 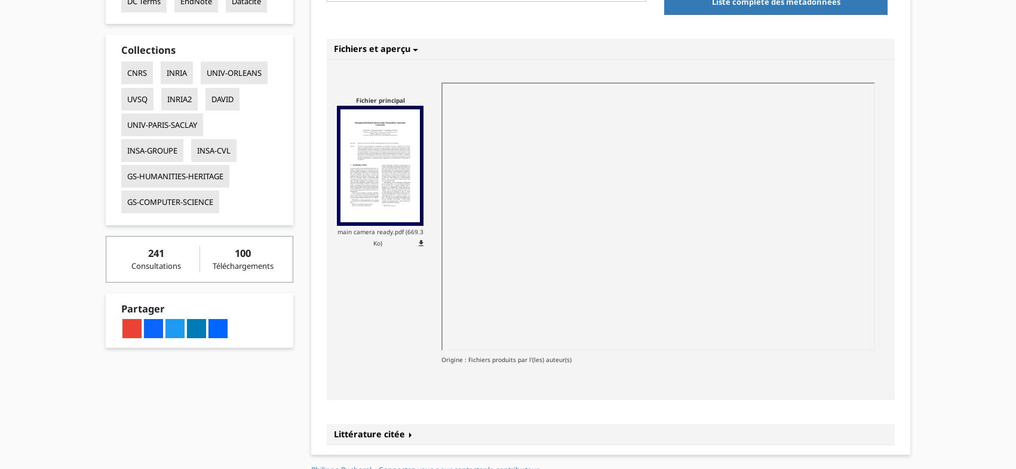 I want to click on '100', so click(x=234, y=252).